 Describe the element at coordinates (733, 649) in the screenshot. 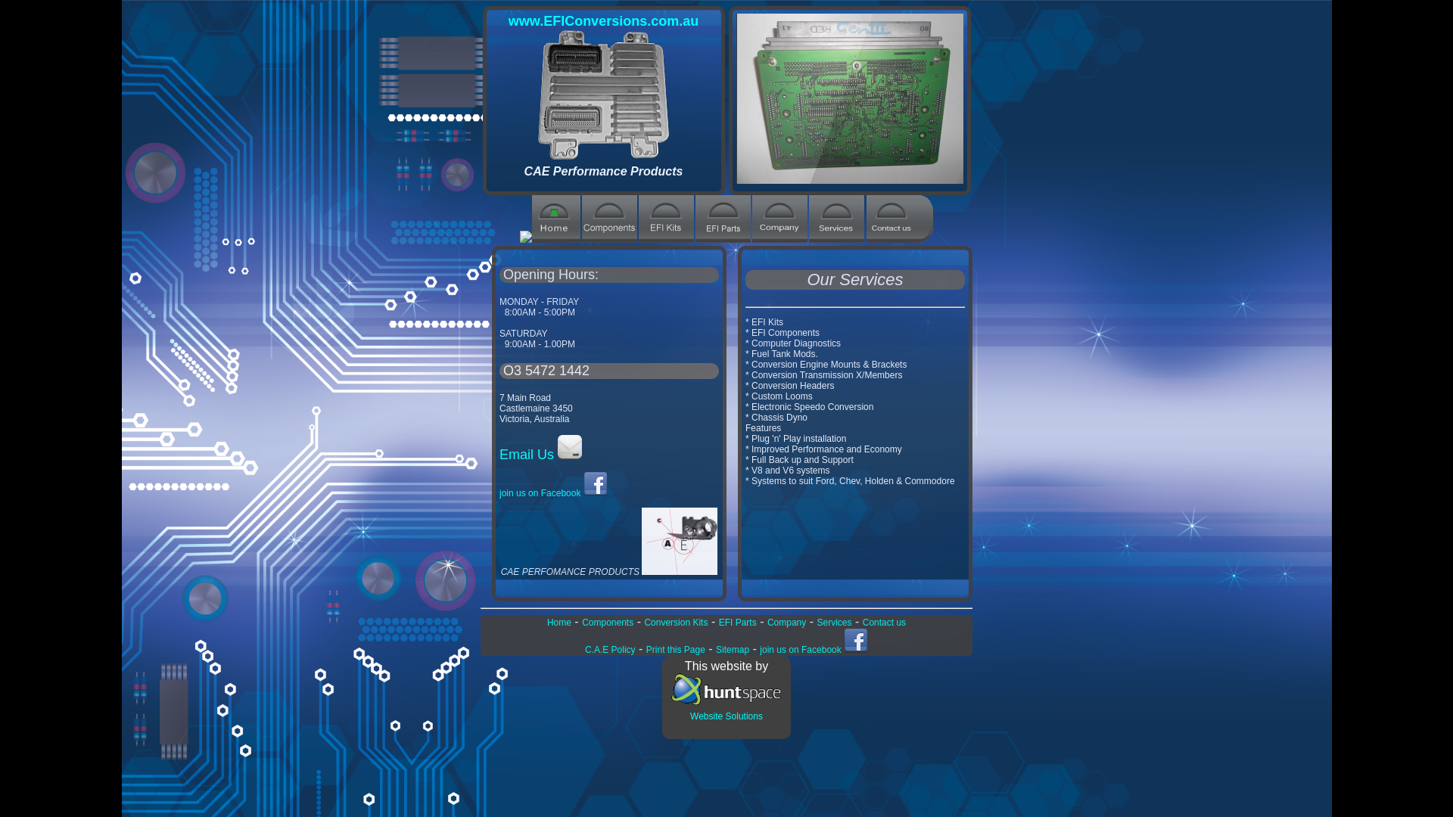

I see `'Sitemap'` at that location.